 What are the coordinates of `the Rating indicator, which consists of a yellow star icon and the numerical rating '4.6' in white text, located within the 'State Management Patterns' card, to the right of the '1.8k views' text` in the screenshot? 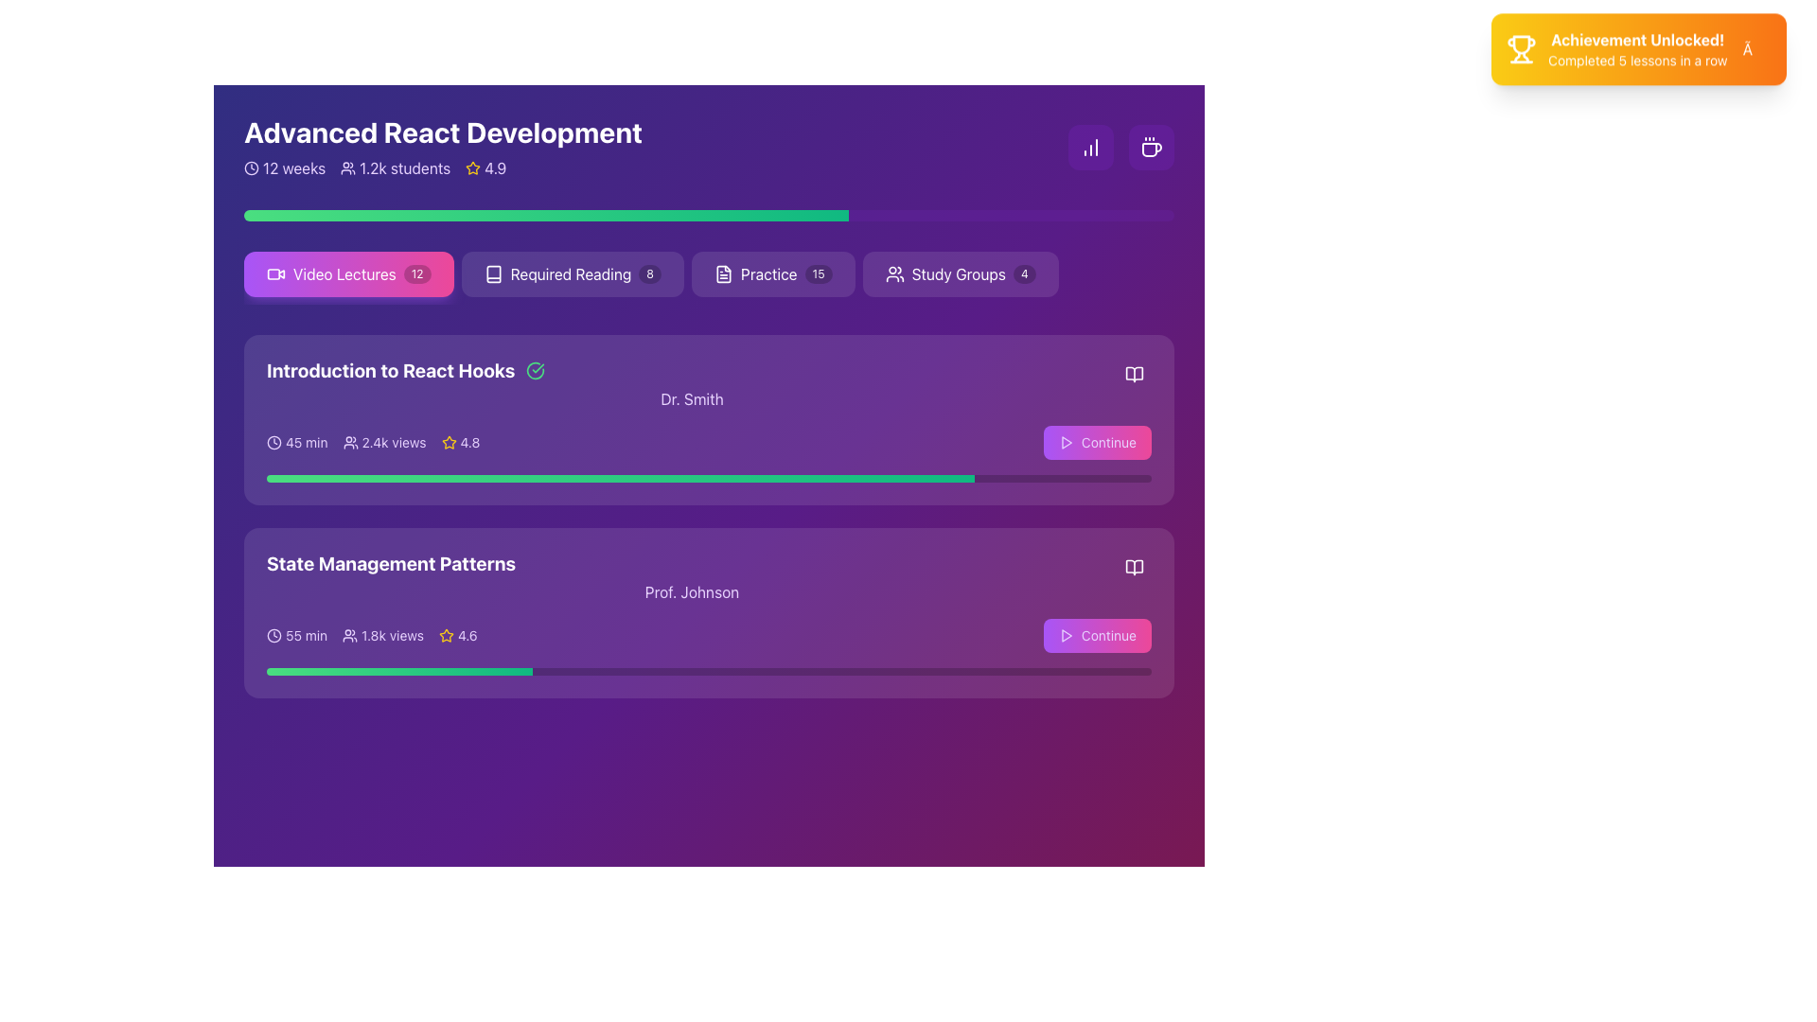 It's located at (458, 635).